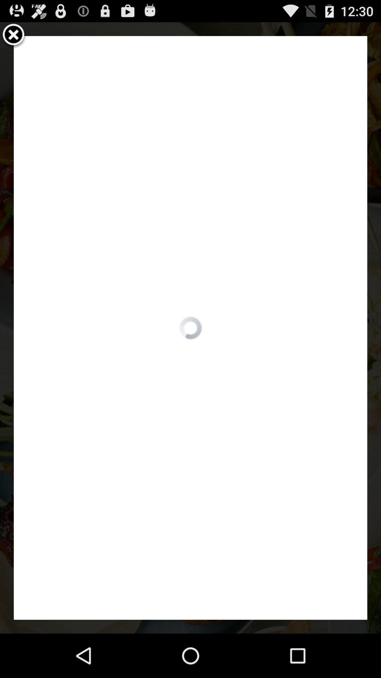 The image size is (381, 678). I want to click on the close icon, so click(13, 38).